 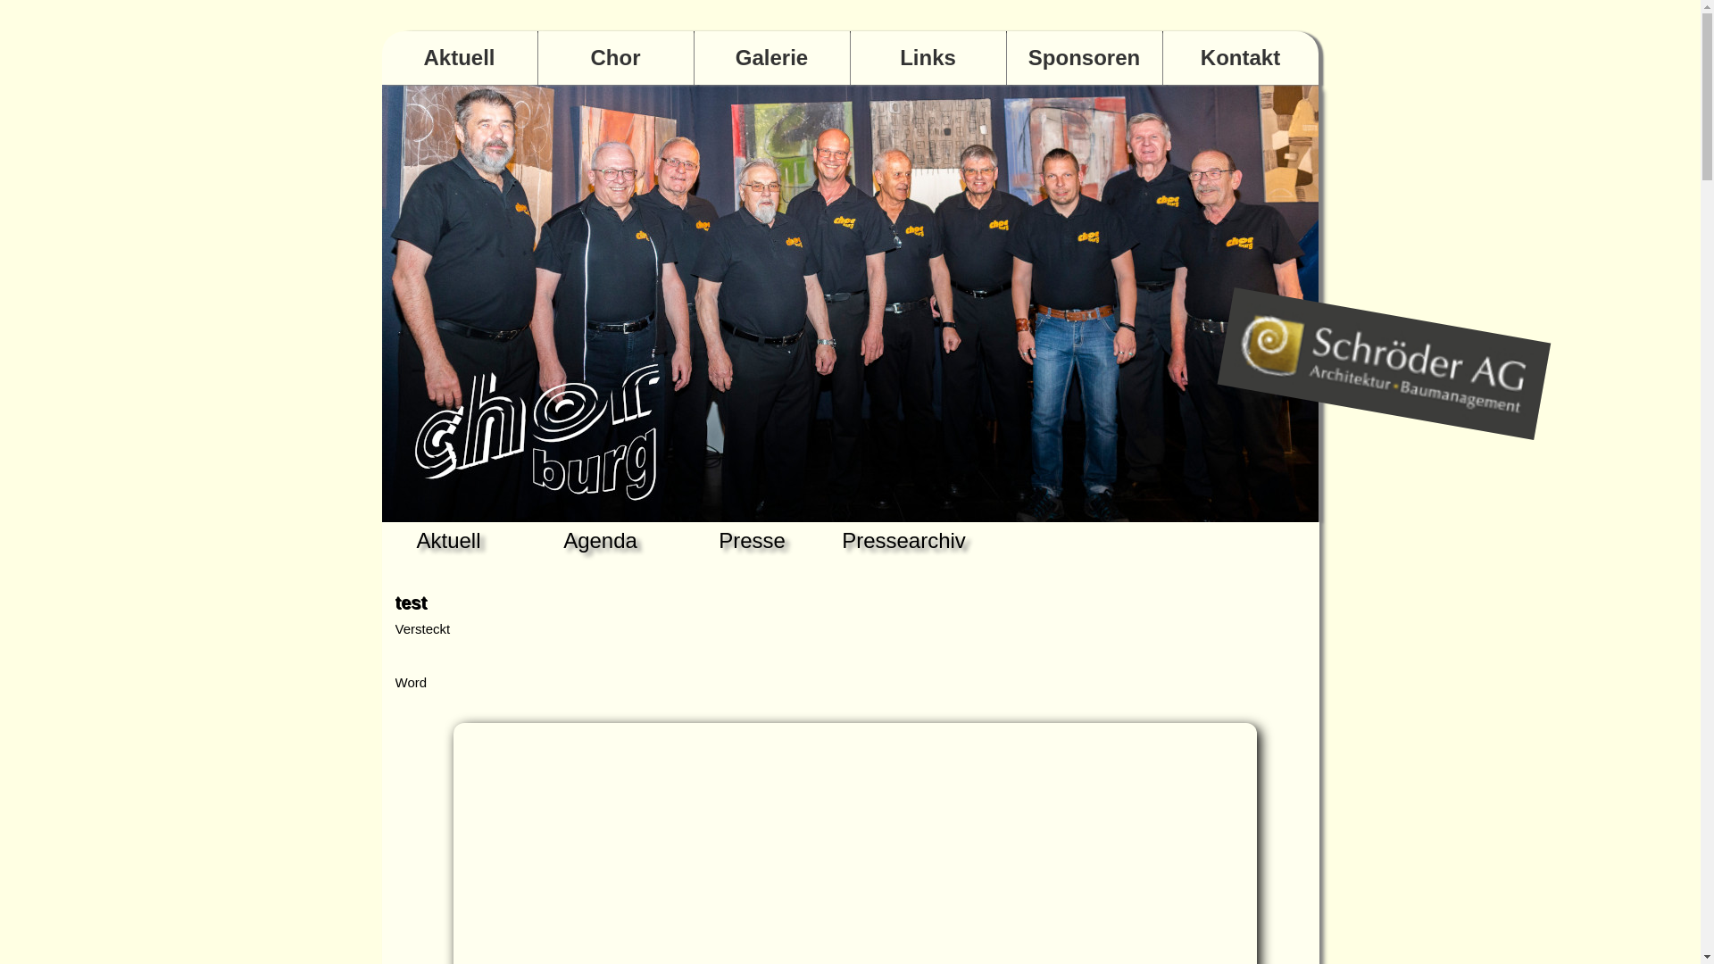 What do you see at coordinates (1161, 57) in the screenshot?
I see `'Kontakt'` at bounding box center [1161, 57].